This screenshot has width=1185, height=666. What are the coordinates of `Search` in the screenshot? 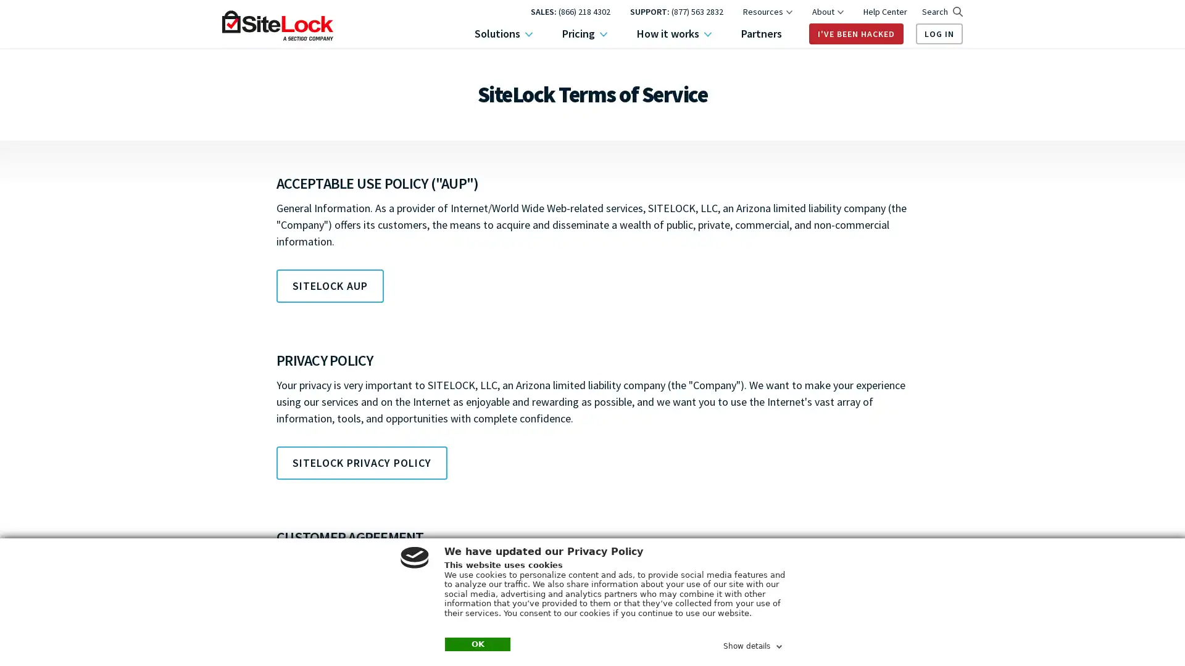 It's located at (941, 12).